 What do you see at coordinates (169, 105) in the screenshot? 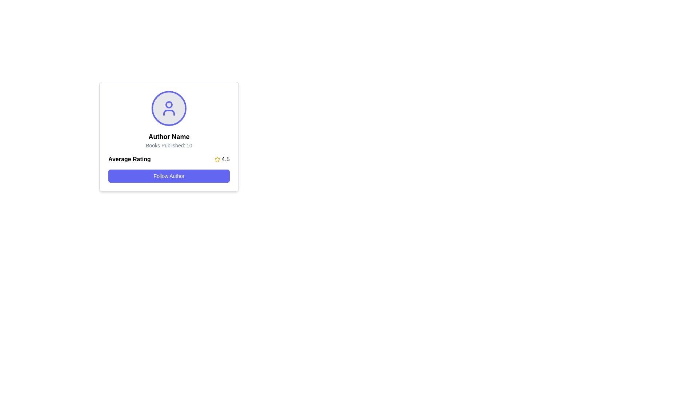
I see `the decorative circle shape representing the user's head within the SVG element at the top center of the user card` at bounding box center [169, 105].